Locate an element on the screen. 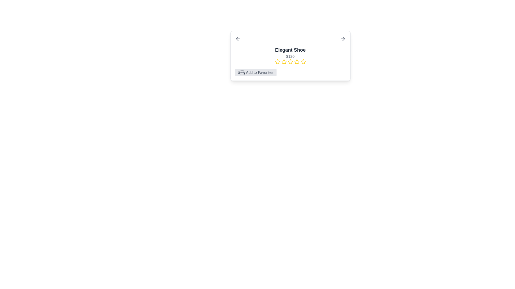  the rightwards pointing arrow icon located in the top-right corner of the card-like component to potentially display a tooltip is located at coordinates (344, 39).